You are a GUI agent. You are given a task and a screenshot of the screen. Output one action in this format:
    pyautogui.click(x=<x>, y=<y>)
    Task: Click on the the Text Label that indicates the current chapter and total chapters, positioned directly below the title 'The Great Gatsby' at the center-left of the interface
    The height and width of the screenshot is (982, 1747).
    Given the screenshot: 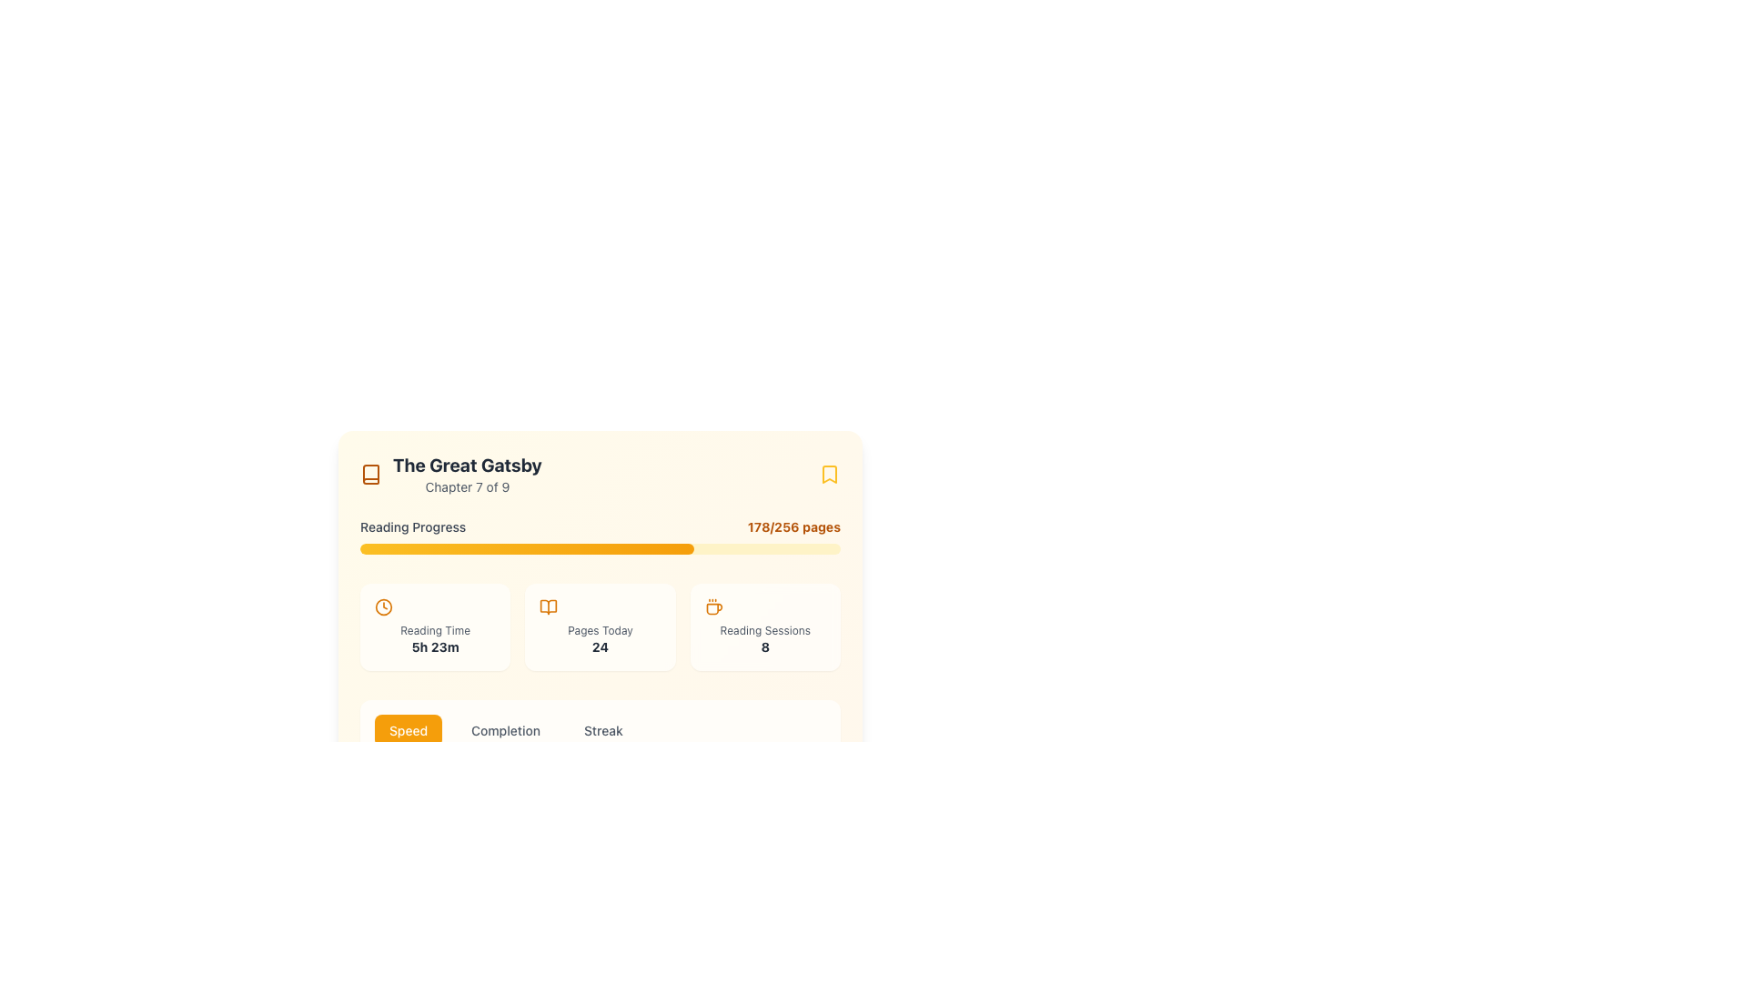 What is the action you would take?
    pyautogui.click(x=467, y=486)
    